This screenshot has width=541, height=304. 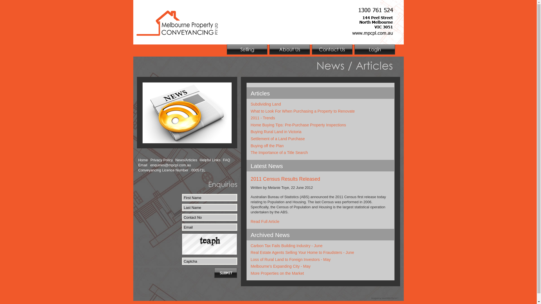 I want to click on 'Subdividing Land', so click(x=265, y=104).